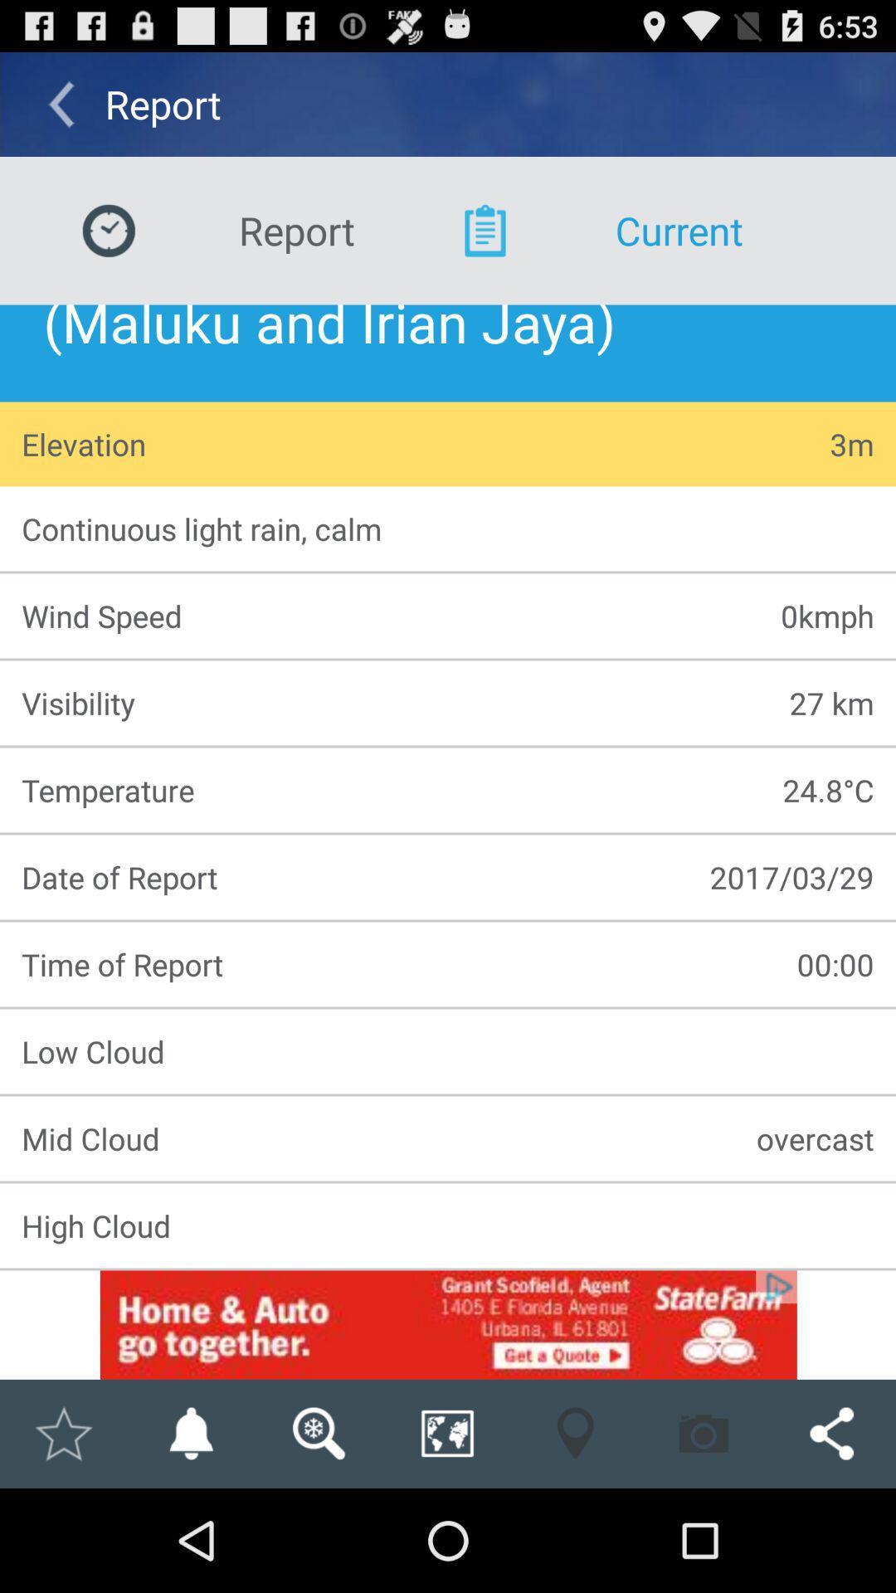 The image size is (896, 1593). Describe the element at coordinates (831, 1433) in the screenshot. I see `share` at that location.